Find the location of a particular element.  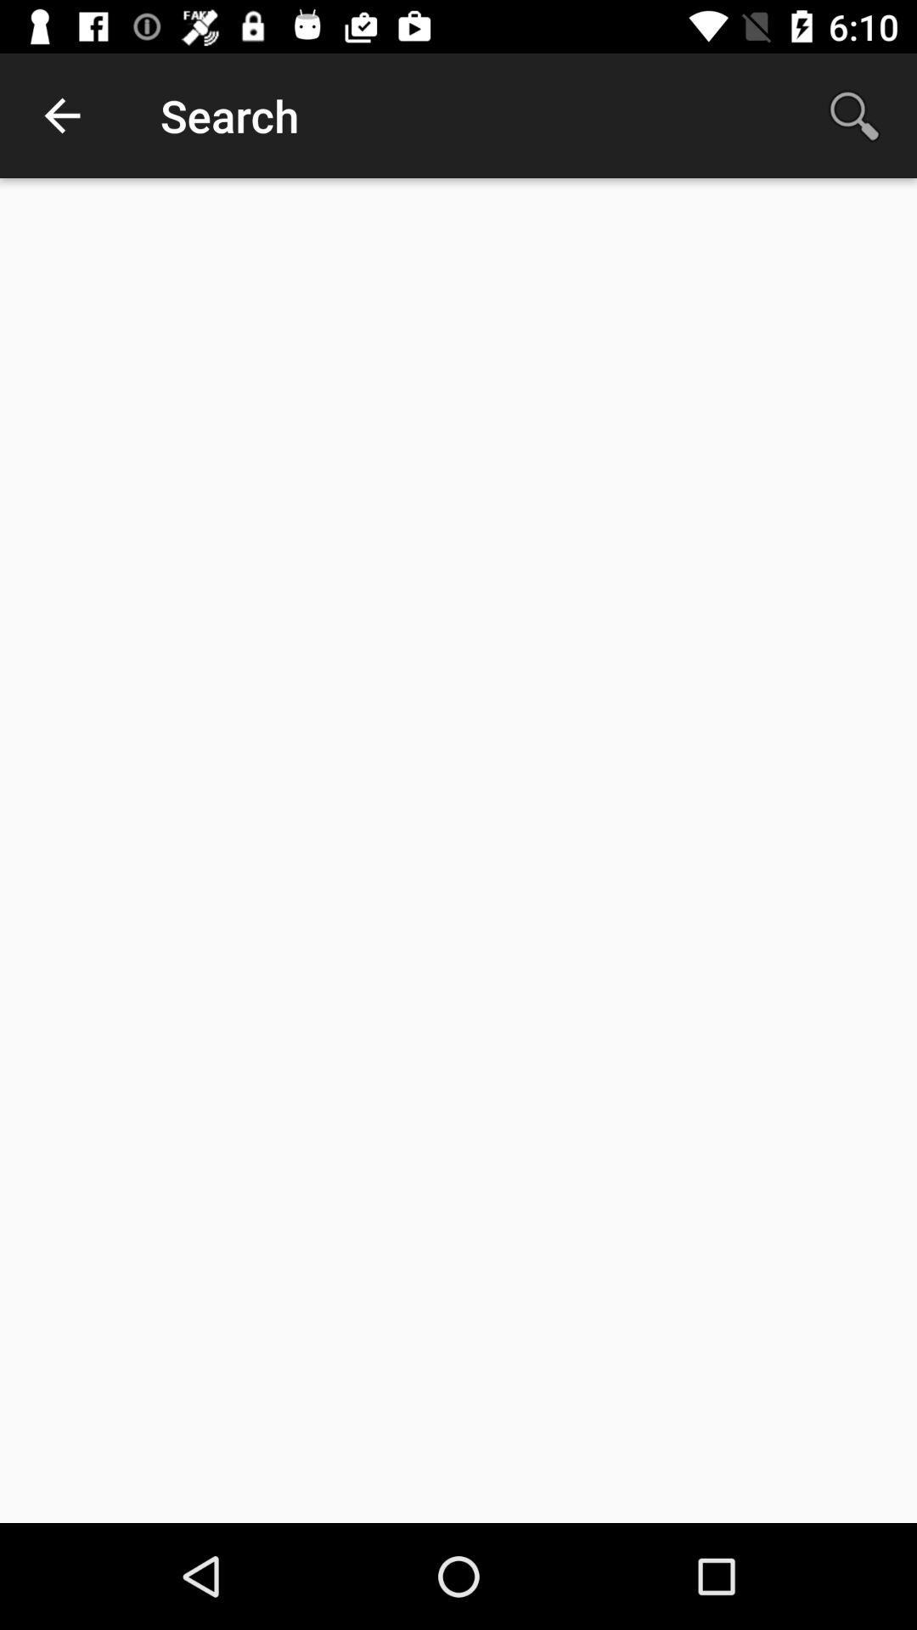

the item to the left of search item is located at coordinates (61, 115).